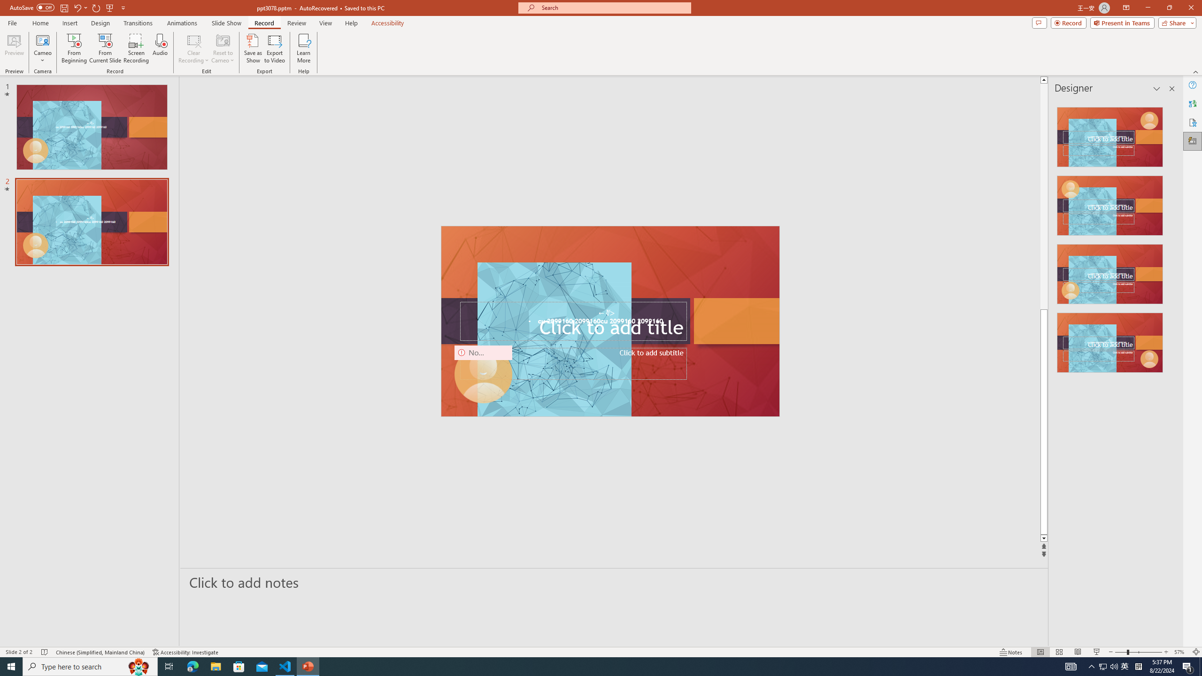 The image size is (1202, 676). I want to click on 'Zoom 57%', so click(1181, 652).